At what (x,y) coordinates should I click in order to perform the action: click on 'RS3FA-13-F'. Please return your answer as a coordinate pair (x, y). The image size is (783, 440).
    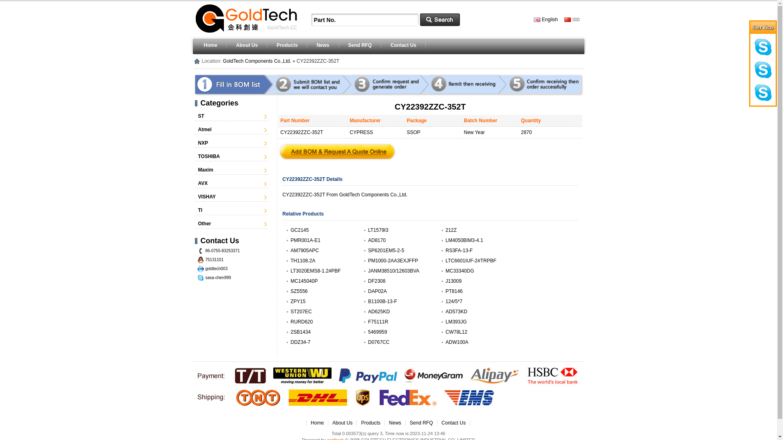
    Looking at the image, I should click on (459, 250).